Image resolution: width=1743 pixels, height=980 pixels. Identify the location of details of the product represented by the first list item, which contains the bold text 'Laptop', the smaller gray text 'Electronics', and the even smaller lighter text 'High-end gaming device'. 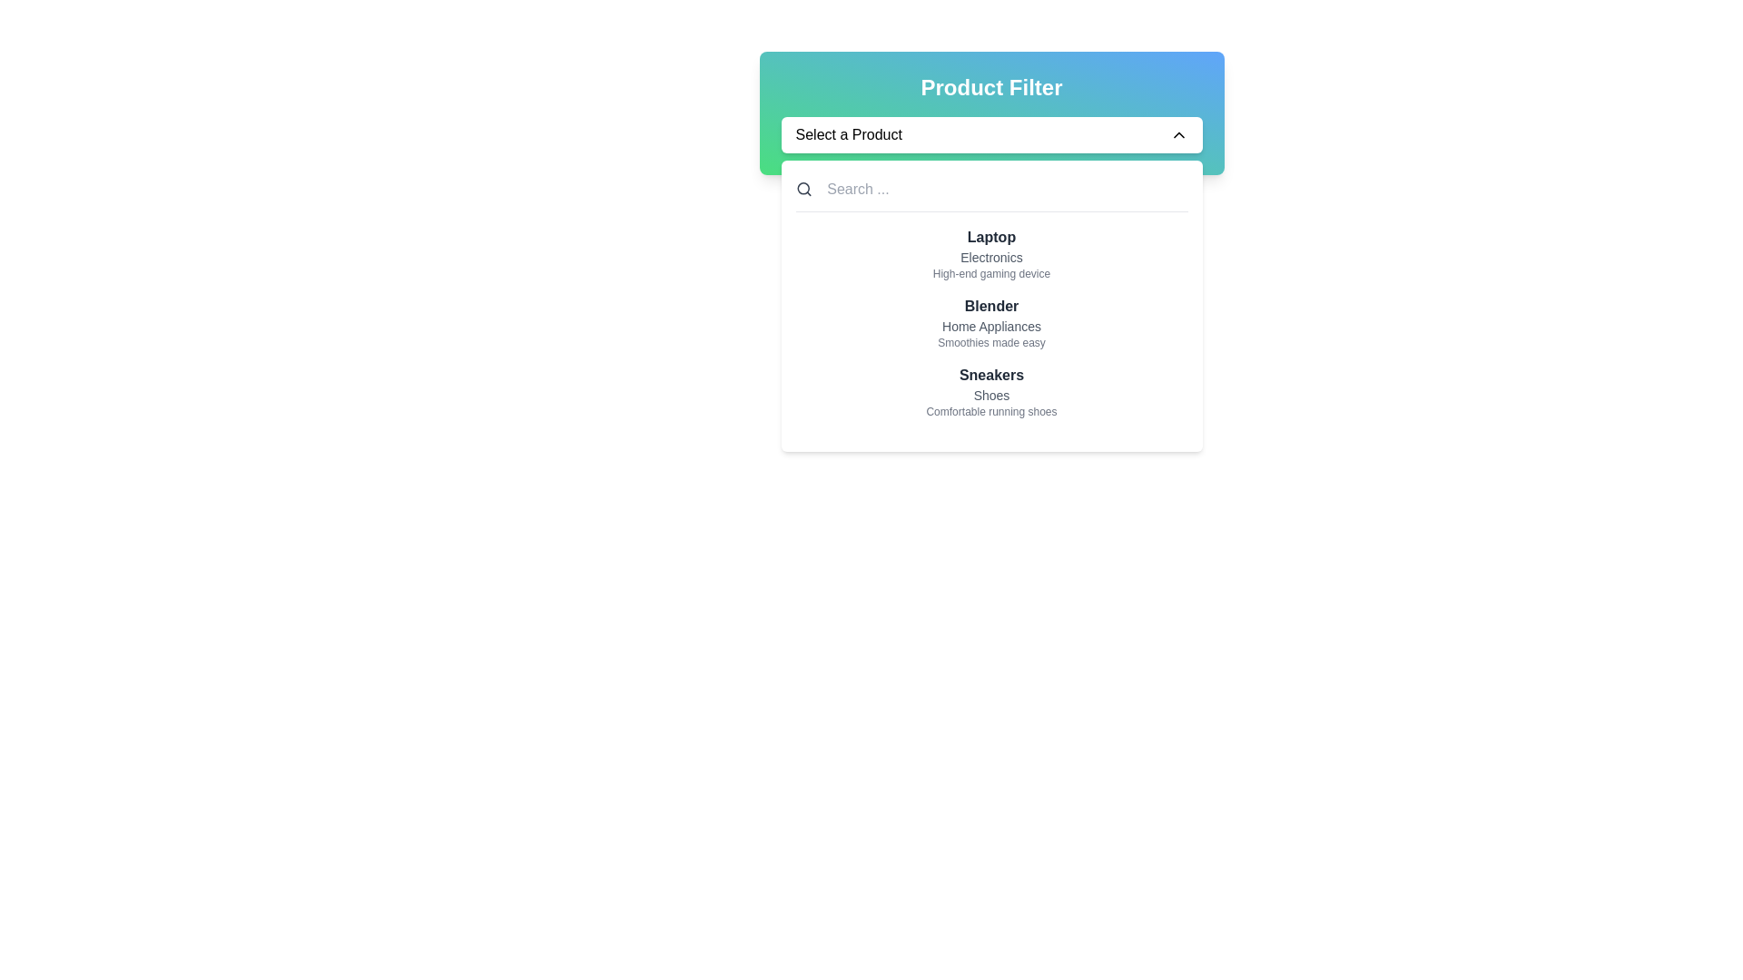
(990, 254).